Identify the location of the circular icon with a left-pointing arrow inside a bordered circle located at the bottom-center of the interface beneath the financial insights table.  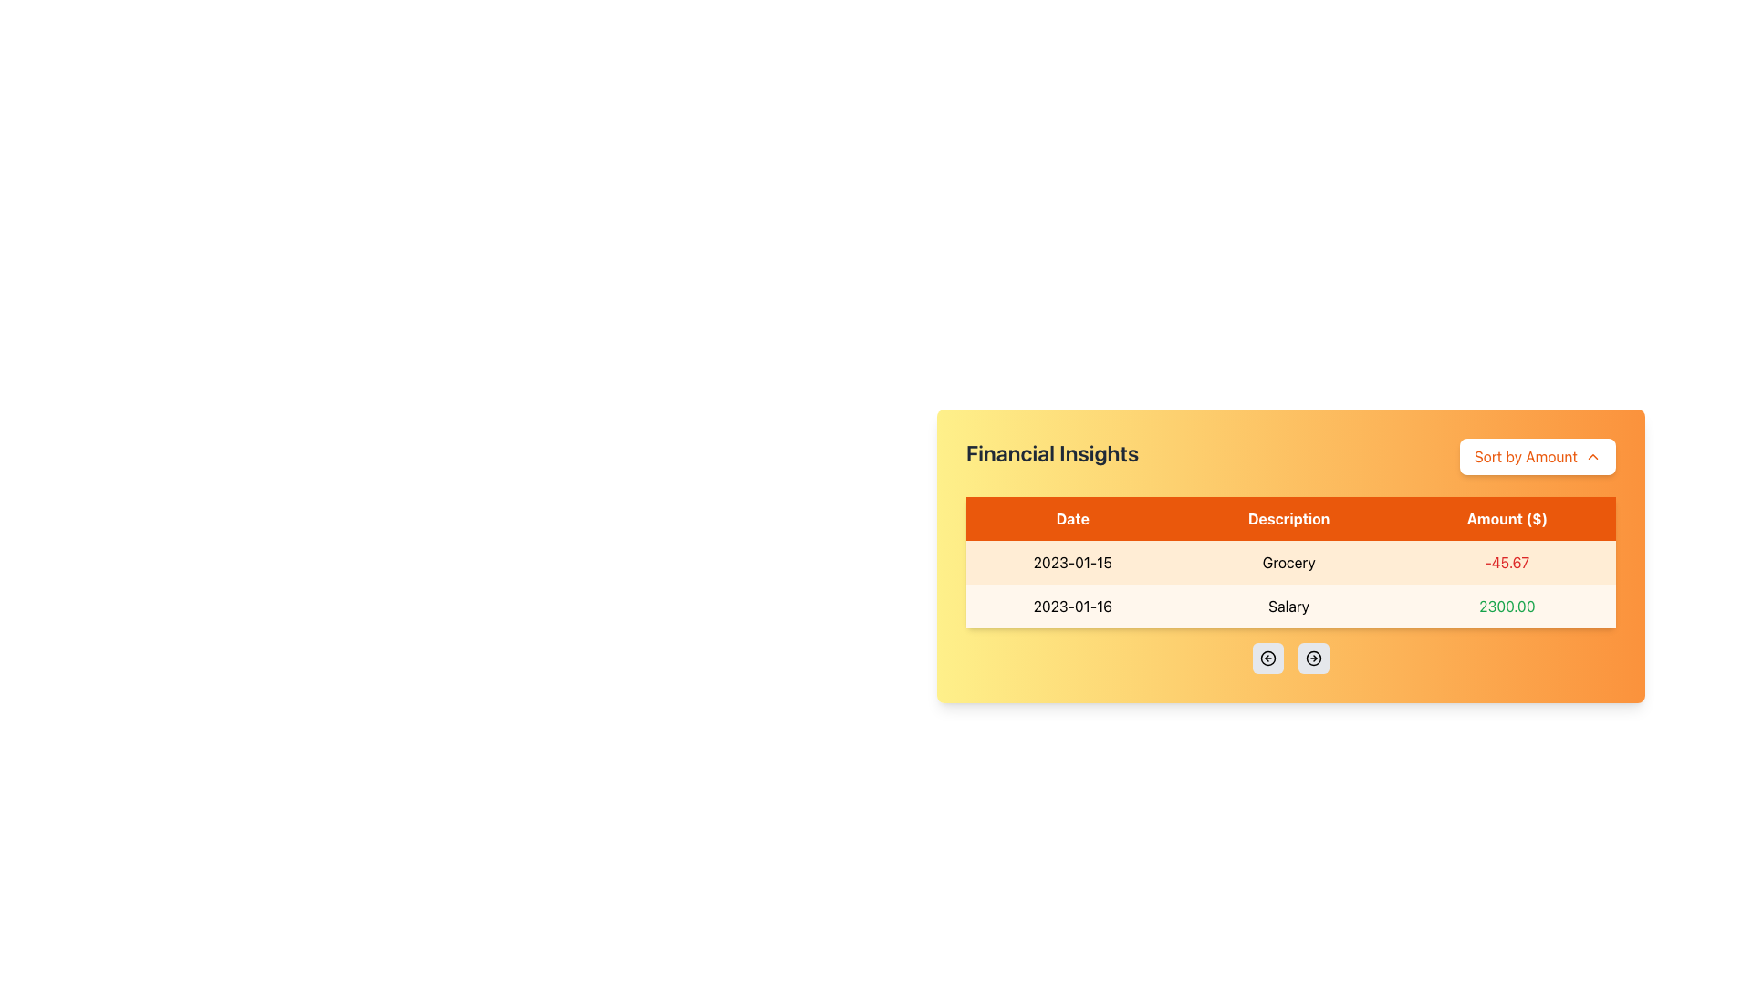
(1267, 658).